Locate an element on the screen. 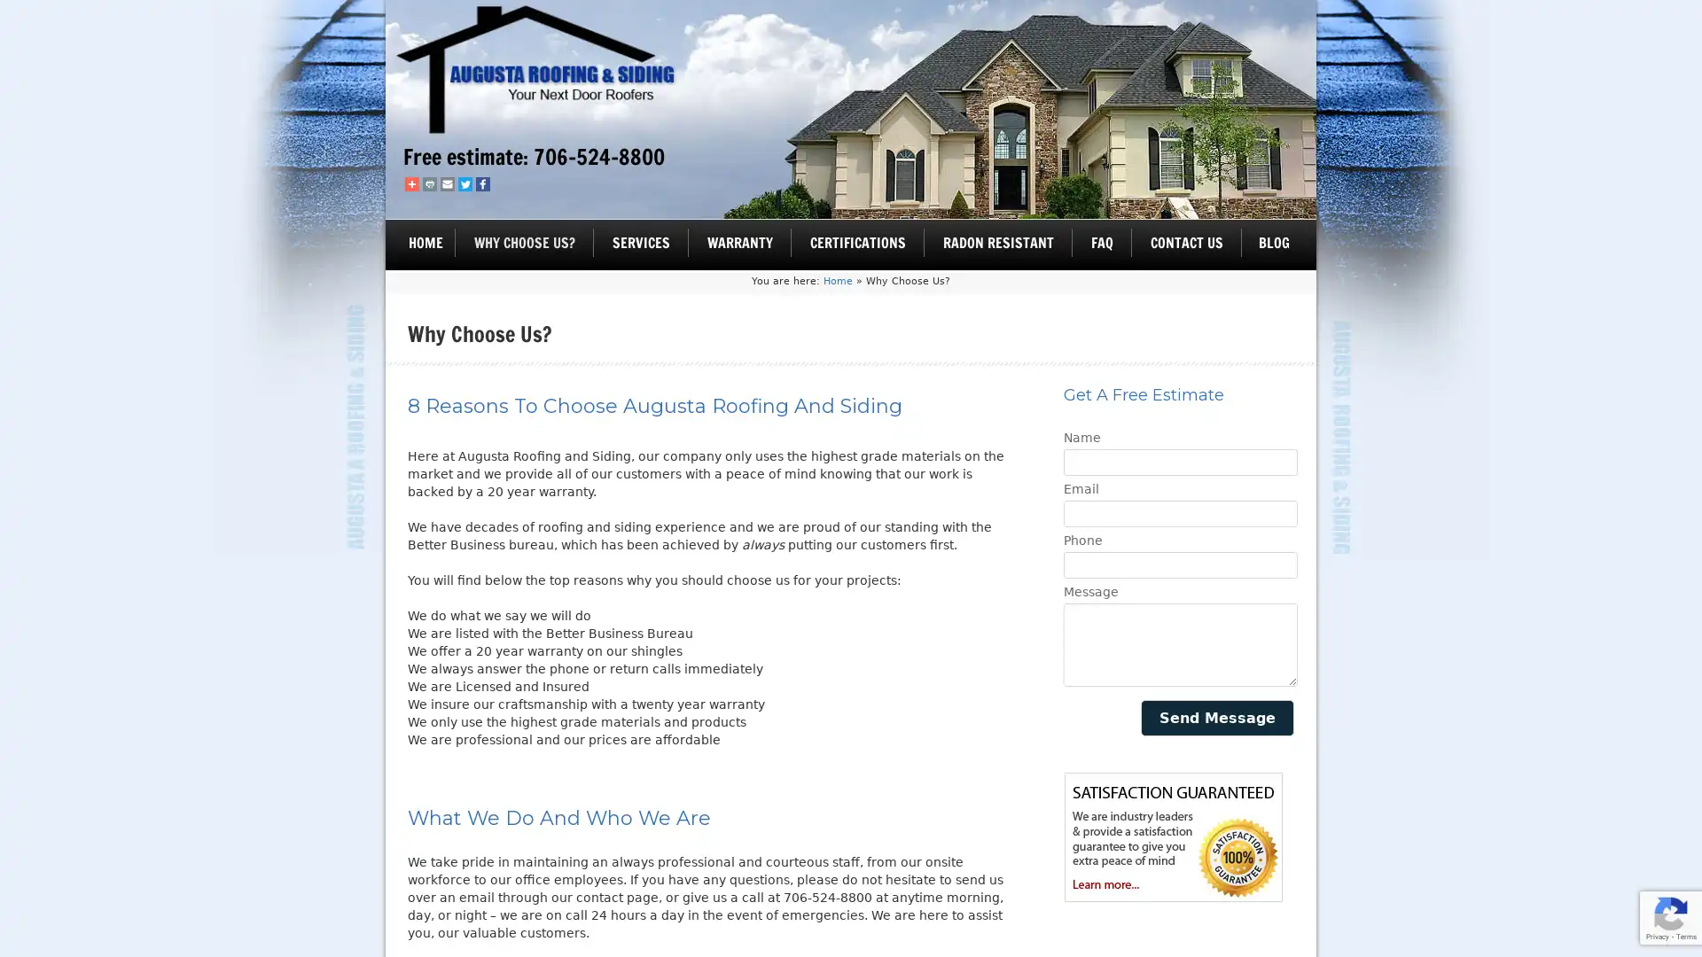 The image size is (1702, 957). Send Message is located at coordinates (1216, 718).